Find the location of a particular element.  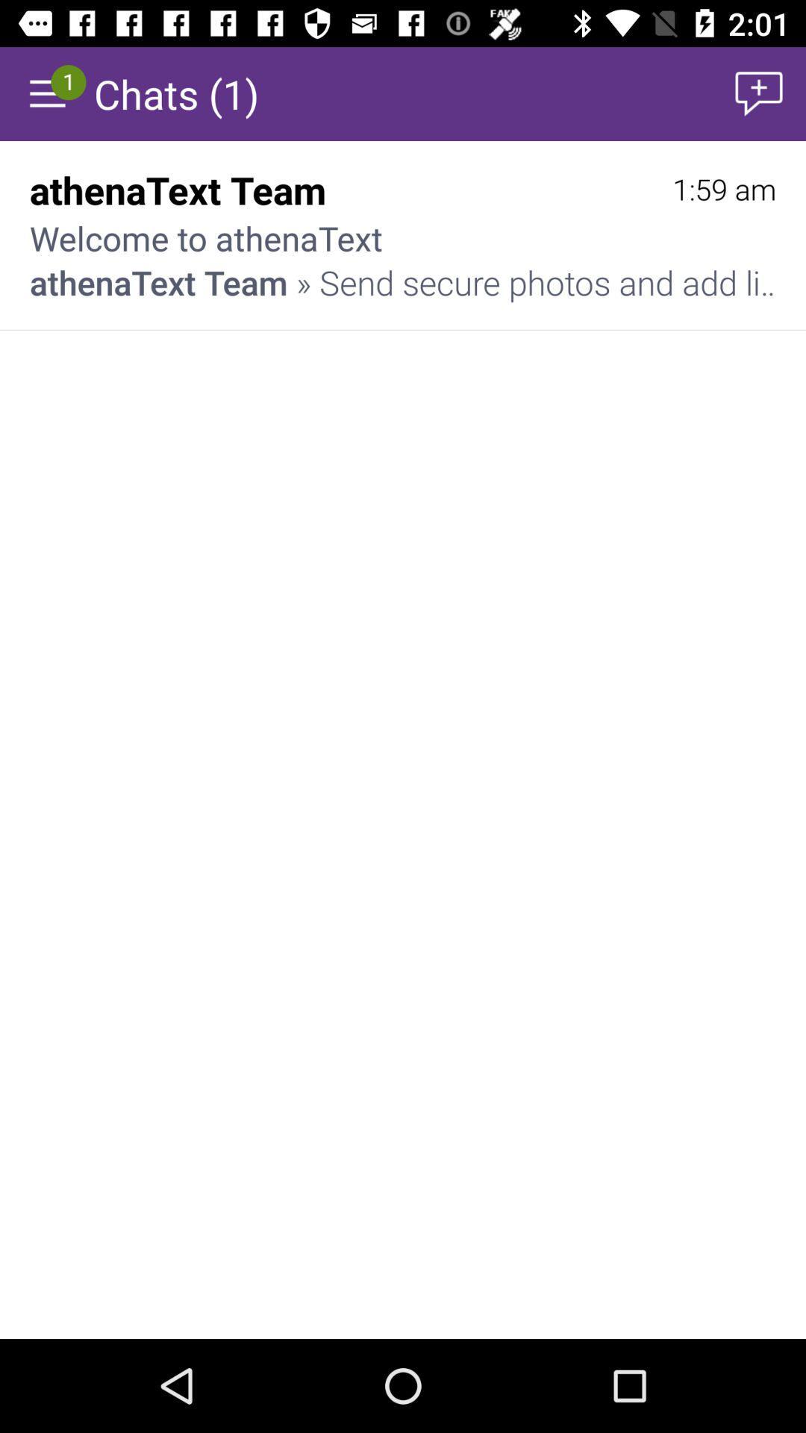

the icon above the athenatext team send icon is located at coordinates (723, 189).